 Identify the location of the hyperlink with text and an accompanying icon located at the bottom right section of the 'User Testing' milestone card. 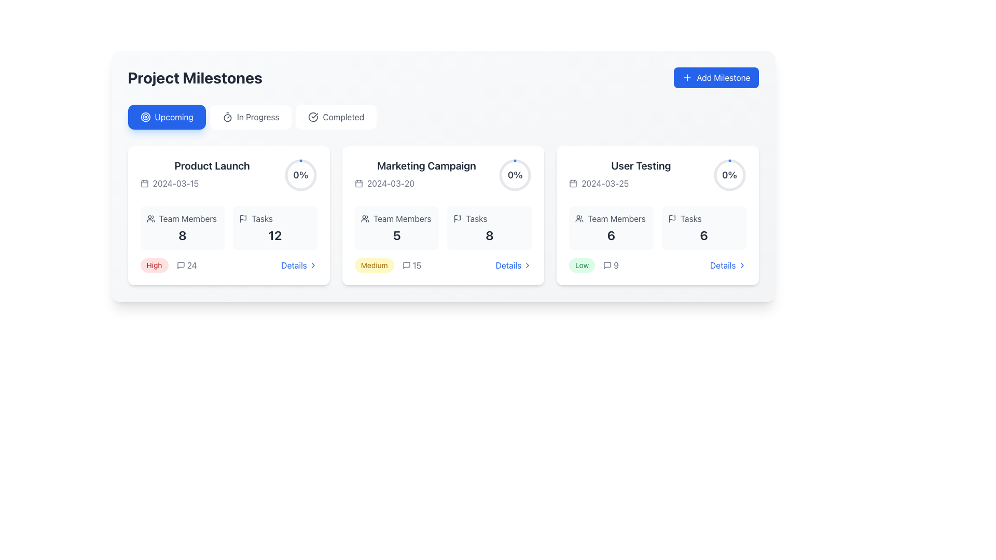
(727, 265).